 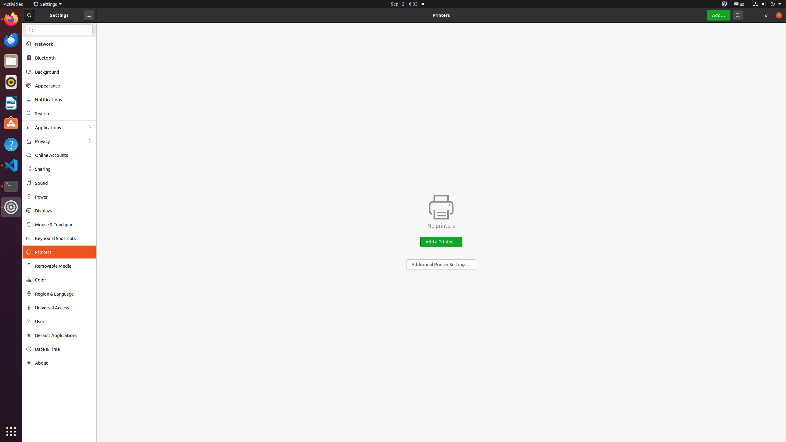 I want to click on 'Appearance', so click(x=64, y=86).